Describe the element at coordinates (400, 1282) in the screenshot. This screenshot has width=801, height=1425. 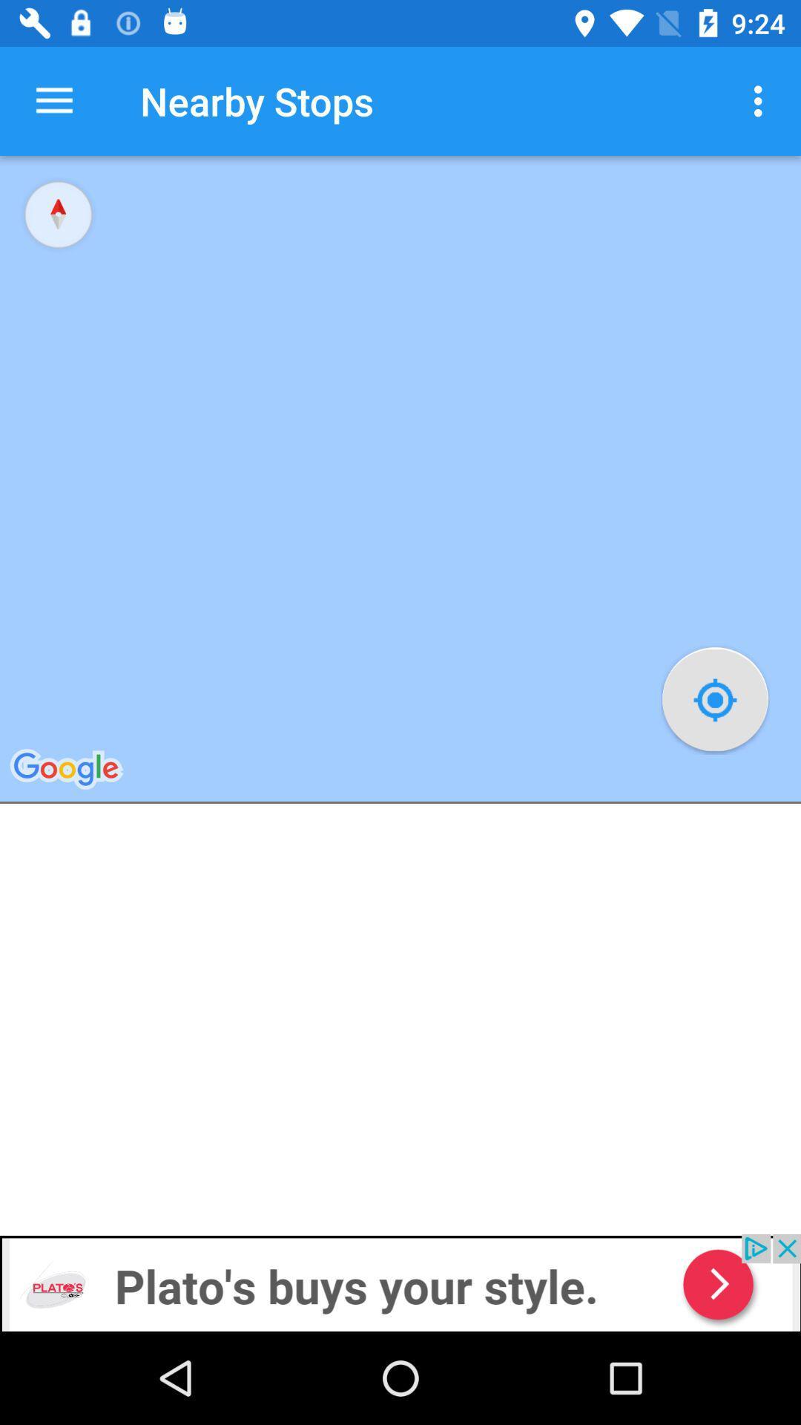
I see `advertisement` at that location.